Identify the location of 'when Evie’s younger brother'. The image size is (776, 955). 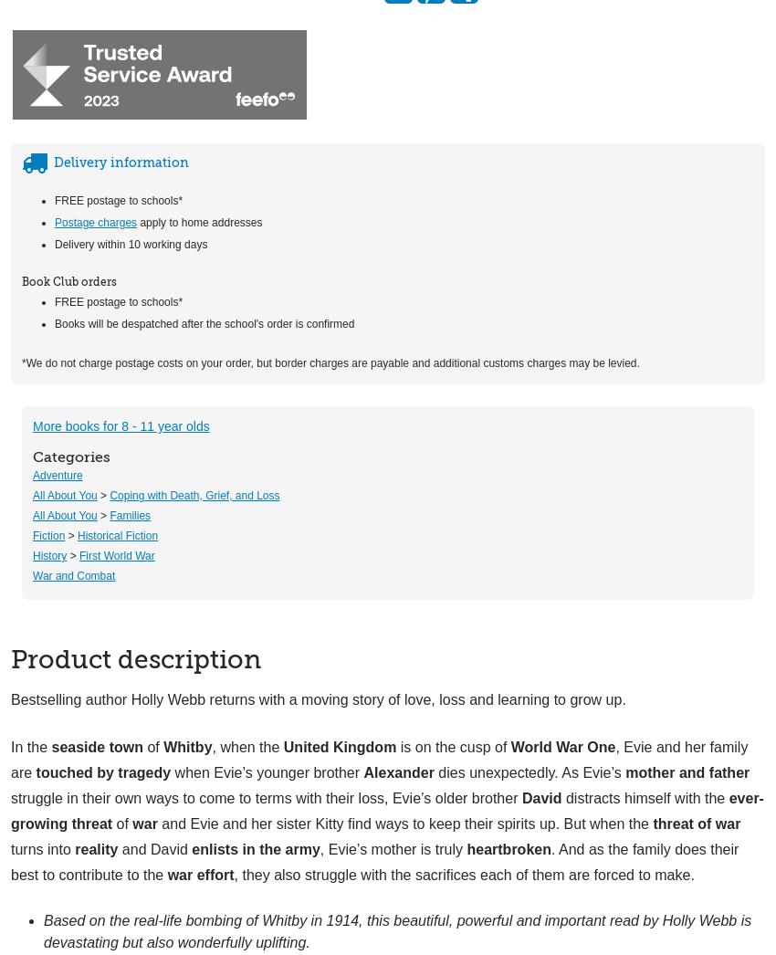
(266, 771).